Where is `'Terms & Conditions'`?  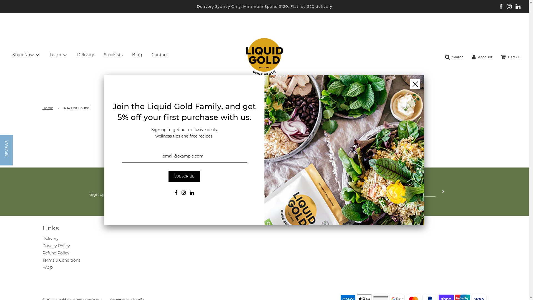 'Terms & Conditions' is located at coordinates (42, 260).